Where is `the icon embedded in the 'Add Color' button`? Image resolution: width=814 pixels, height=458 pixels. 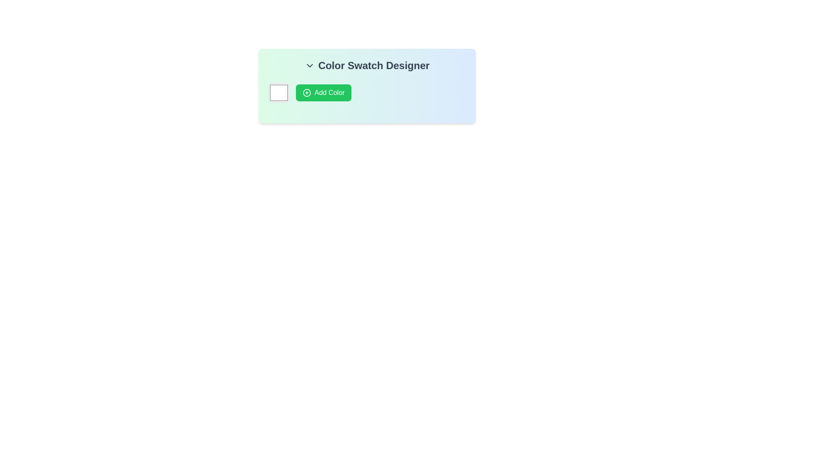 the icon embedded in the 'Add Color' button is located at coordinates (307, 93).